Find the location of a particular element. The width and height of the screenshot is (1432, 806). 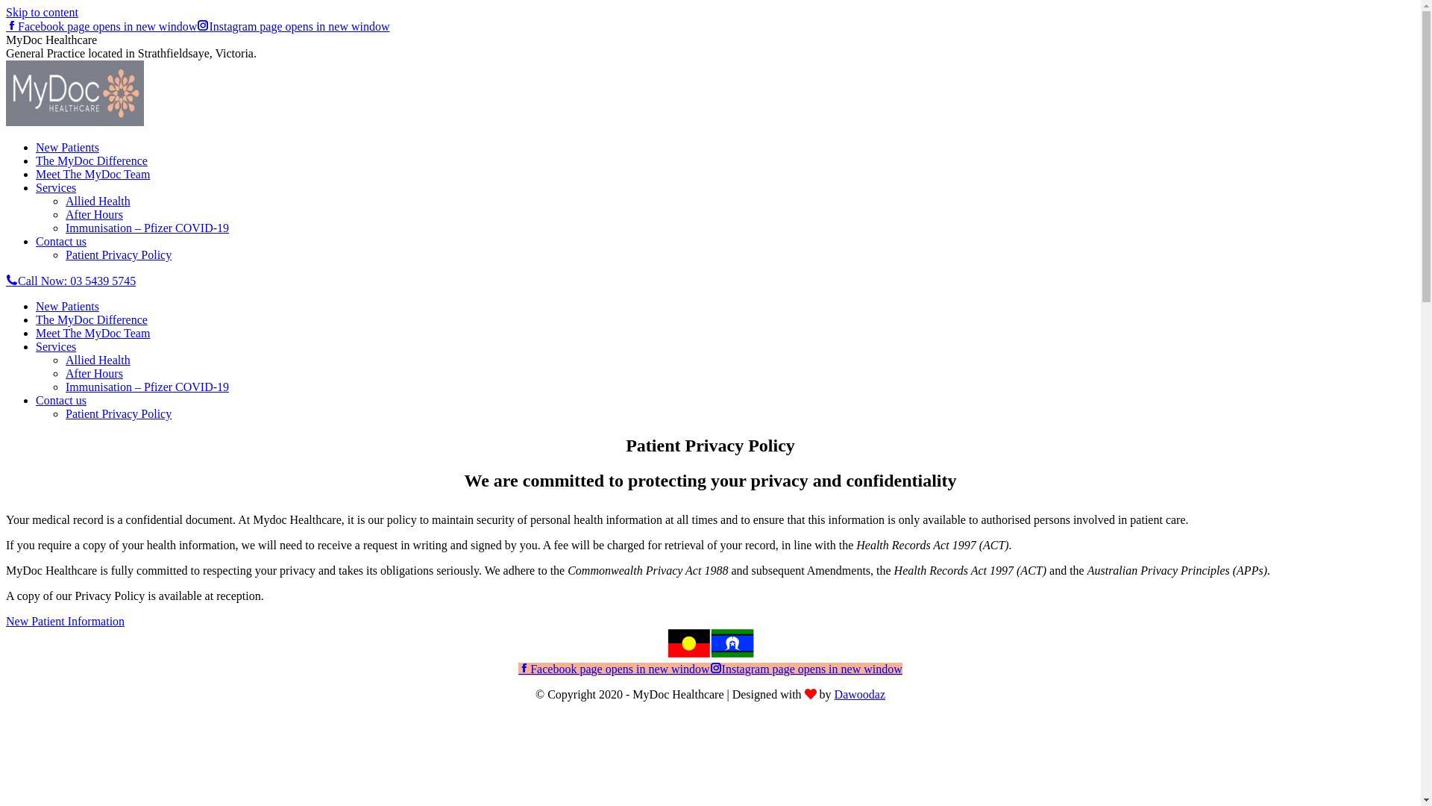

'New Patients' is located at coordinates (36, 147).